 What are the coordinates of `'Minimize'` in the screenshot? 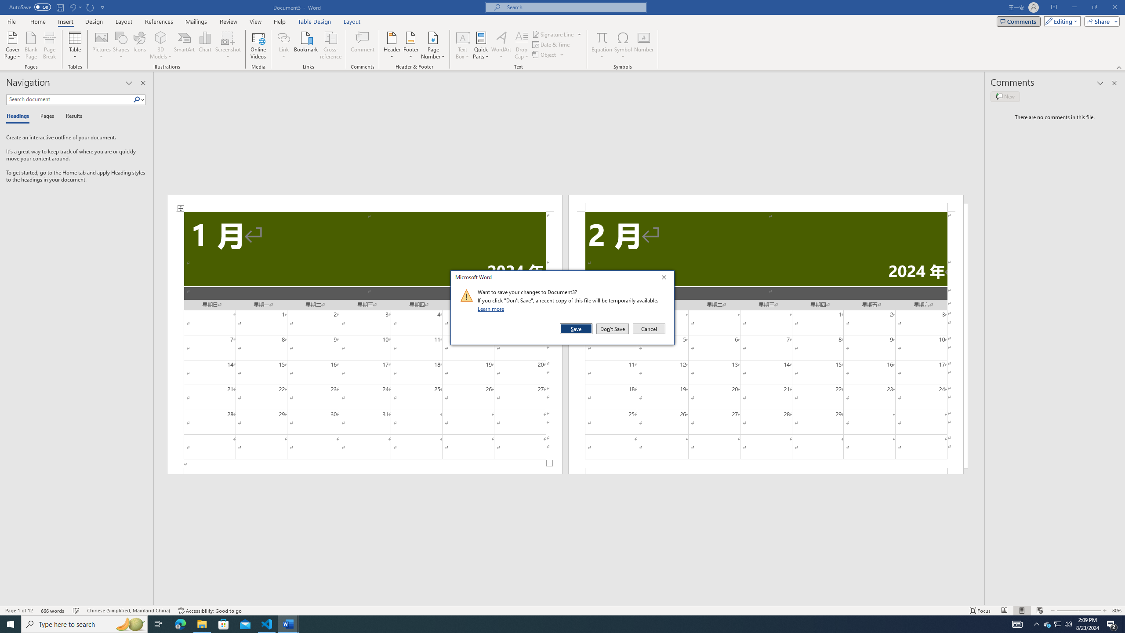 It's located at (1074, 7).